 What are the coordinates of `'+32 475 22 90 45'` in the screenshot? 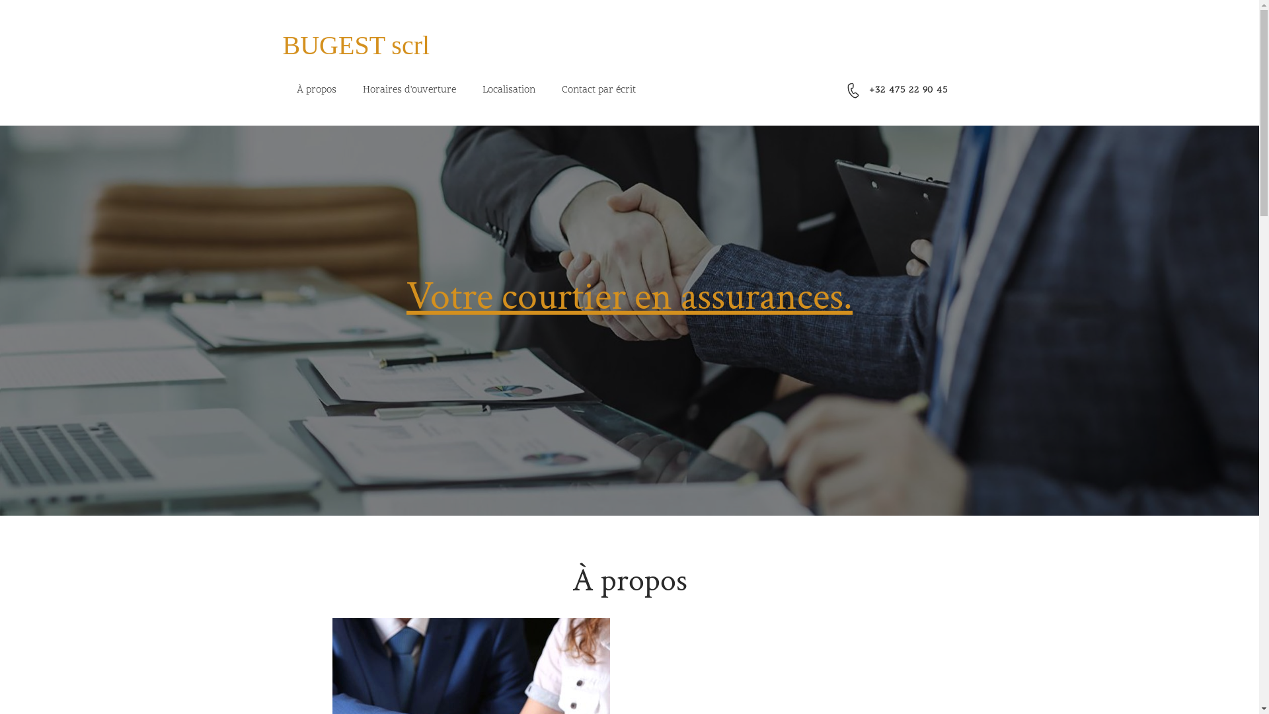 It's located at (907, 89).